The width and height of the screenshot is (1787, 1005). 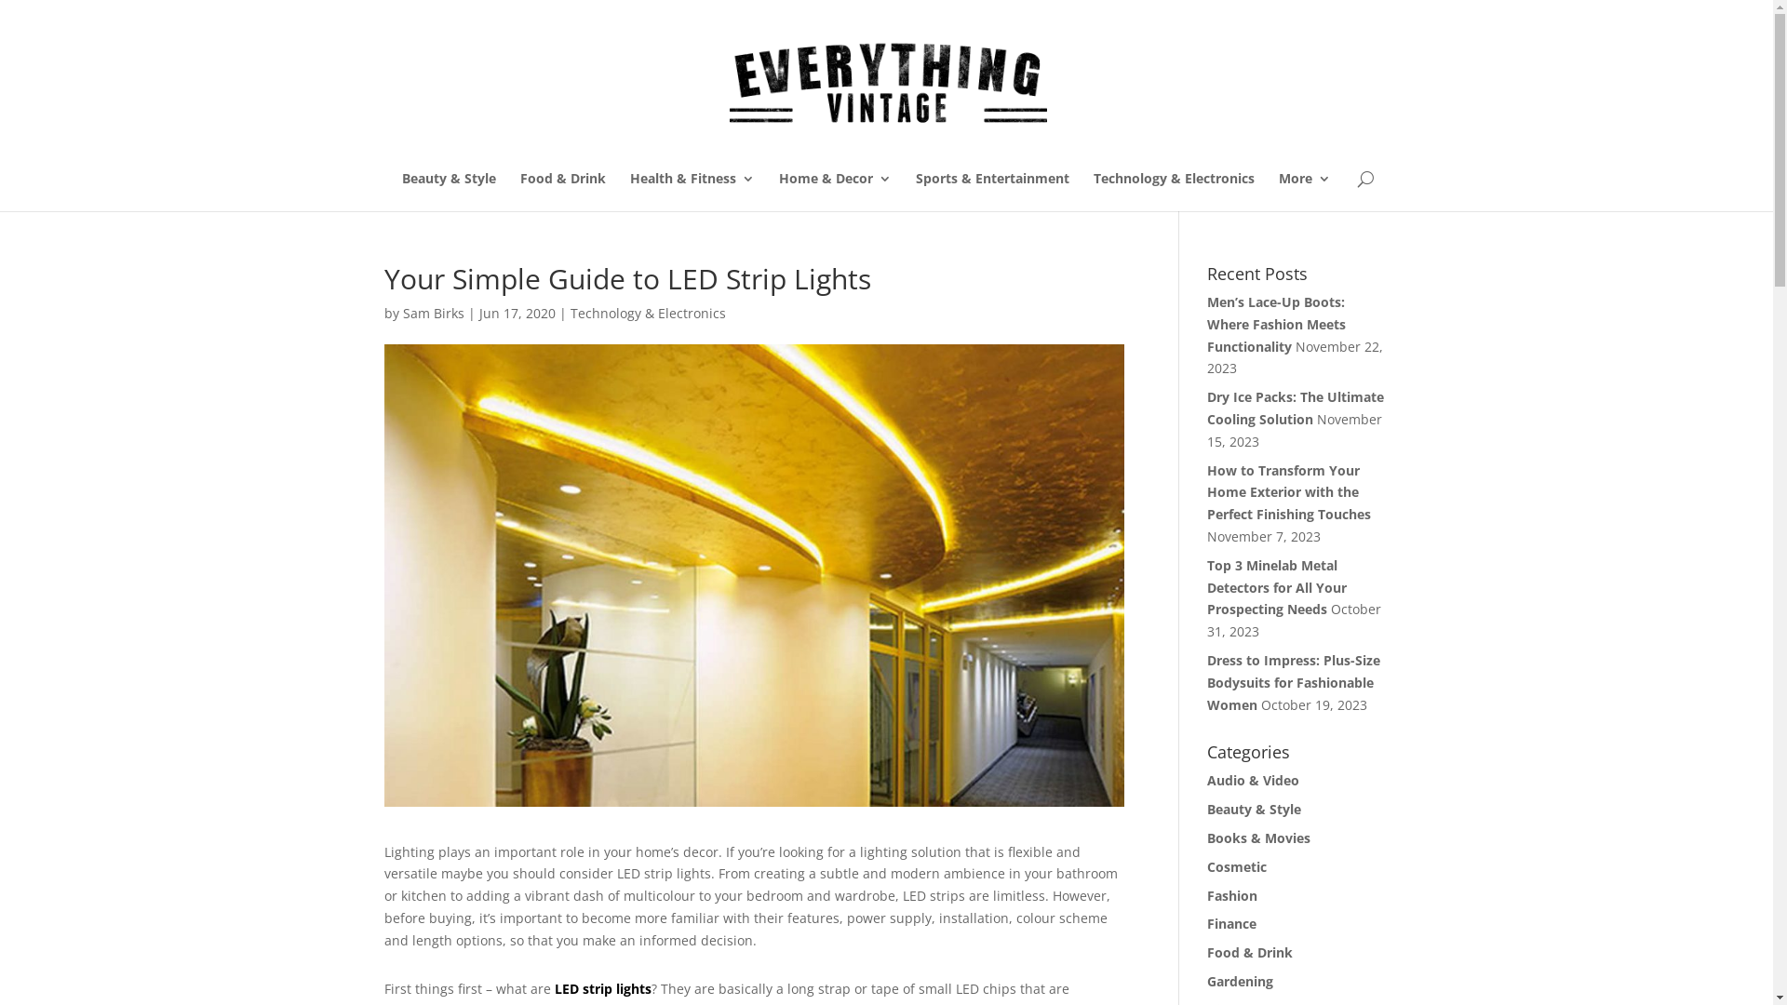 I want to click on 'Beauty & Style', so click(x=449, y=191).